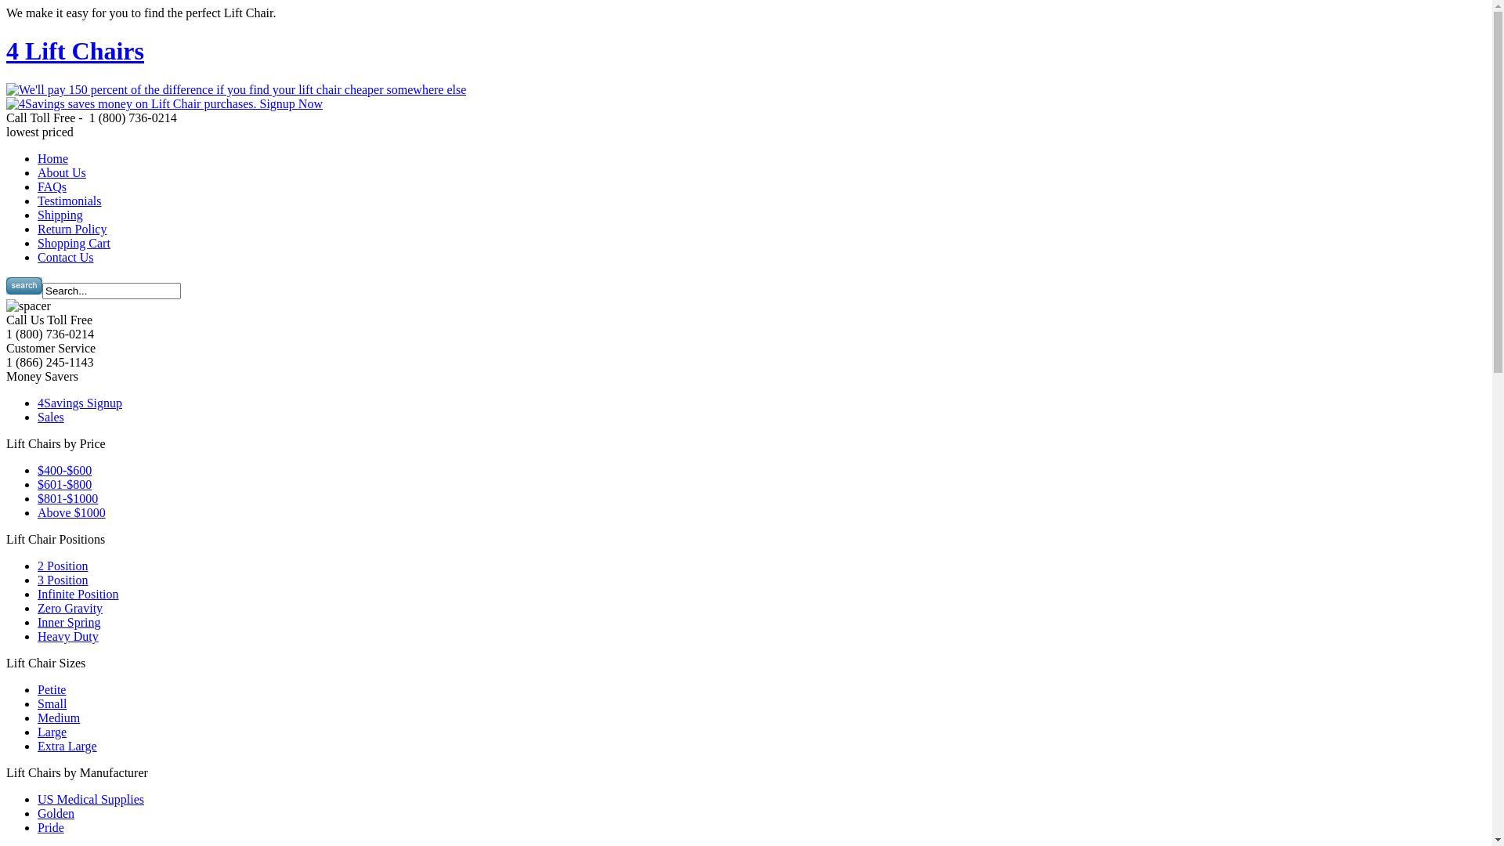  I want to click on 'Petite', so click(52, 689).